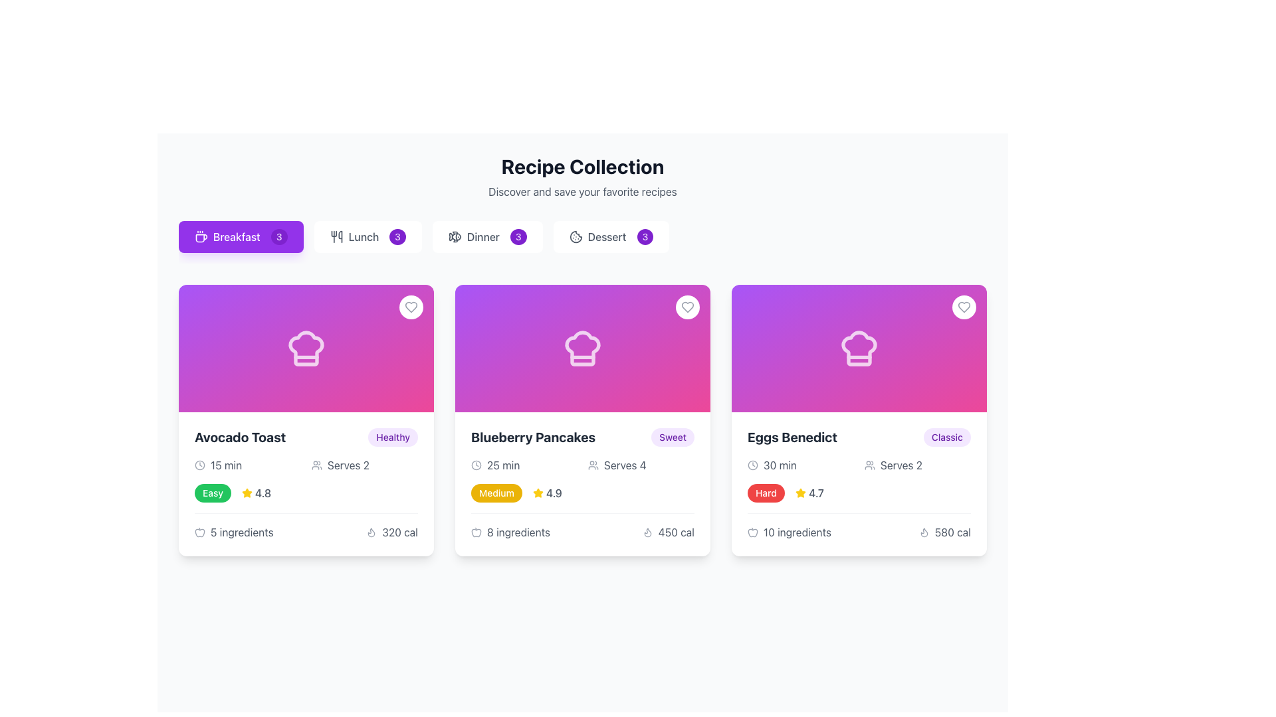  What do you see at coordinates (789, 532) in the screenshot?
I see `the text displaying '10' ingredients for the 'Eggs Benedict' recipe, located below the 'Hard' tag and above the '580 cal' calorie count in its card` at bounding box center [789, 532].